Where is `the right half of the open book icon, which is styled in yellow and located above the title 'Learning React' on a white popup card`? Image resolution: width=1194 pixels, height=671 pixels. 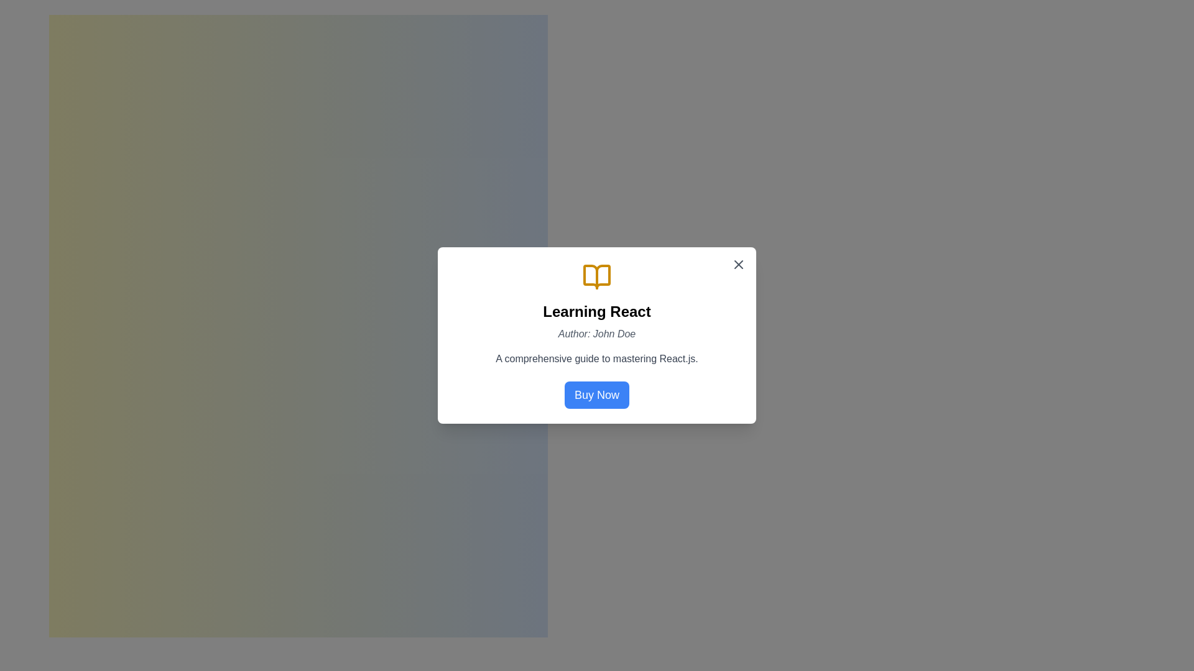 the right half of the open book icon, which is styled in yellow and located above the title 'Learning React' on a white popup card is located at coordinates (597, 276).